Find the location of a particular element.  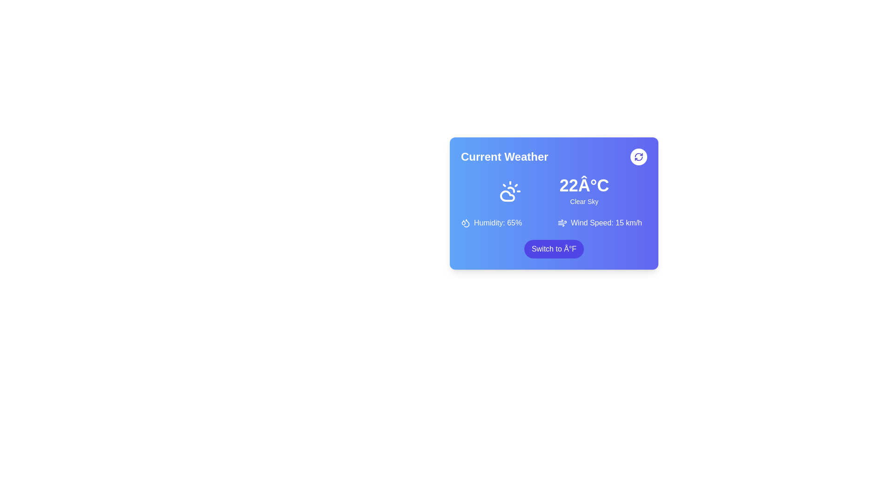

the rounded button with a white background and indigo refresh icon located at the top-right corner of the 'Current Weather' section to change its background color to gray is located at coordinates (638, 156).